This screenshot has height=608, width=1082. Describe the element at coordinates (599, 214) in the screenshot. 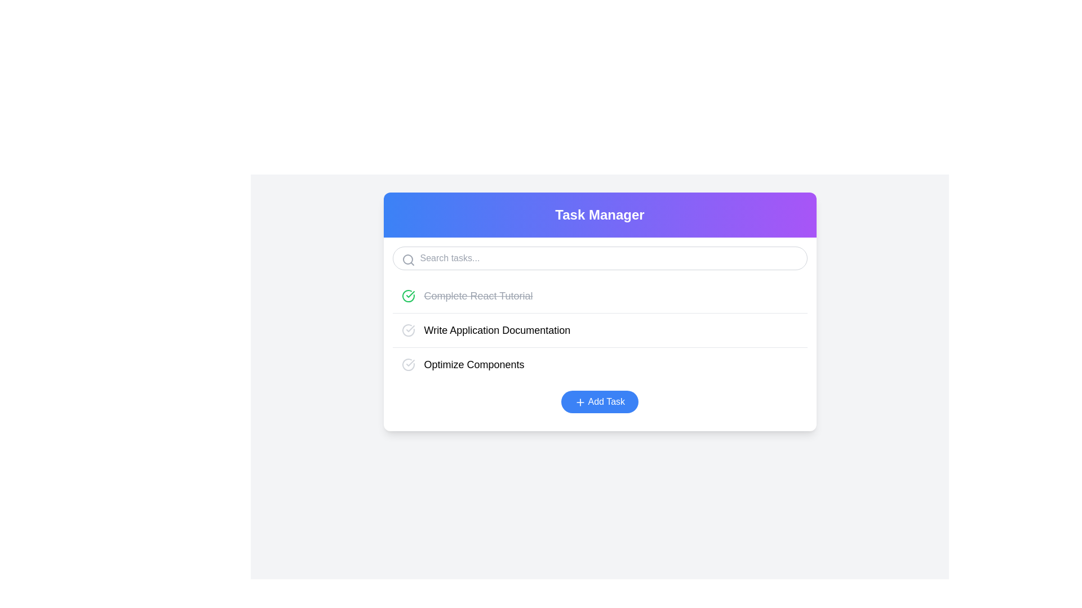

I see `the 'Task Manager' text label which is prominently displayed in a bold font style within a colored header bar at the top of the interface` at that location.